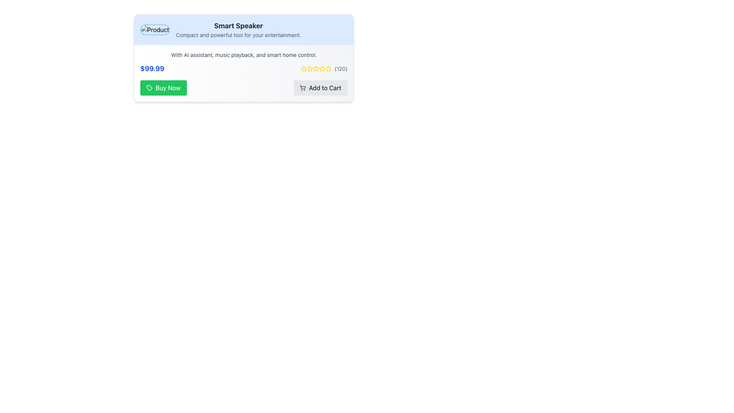  Describe the element at coordinates (152, 69) in the screenshot. I see `the price text label located above the green 'Buy Now' button in the product information card` at that location.